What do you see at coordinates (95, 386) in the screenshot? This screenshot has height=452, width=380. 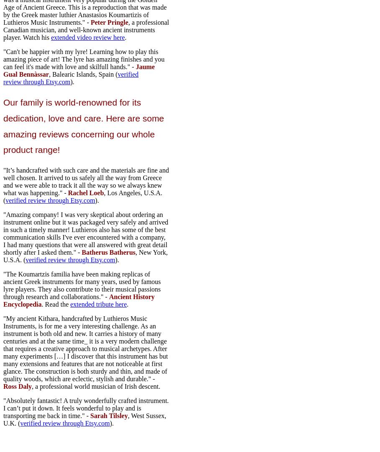 I see `', a professional world musician of Irish descent.'` at bounding box center [95, 386].